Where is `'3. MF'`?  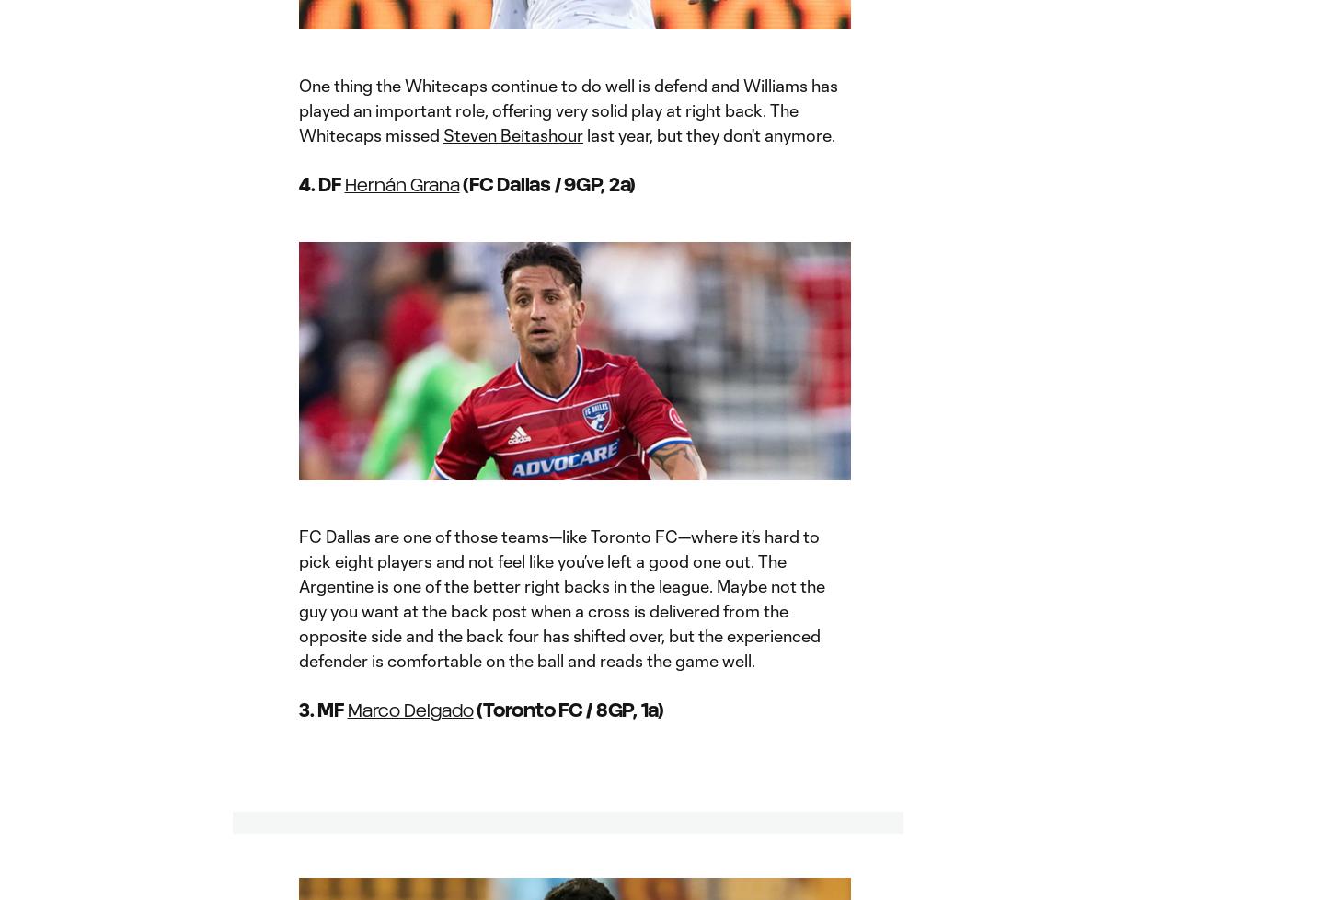
'3. MF' is located at coordinates (323, 709).